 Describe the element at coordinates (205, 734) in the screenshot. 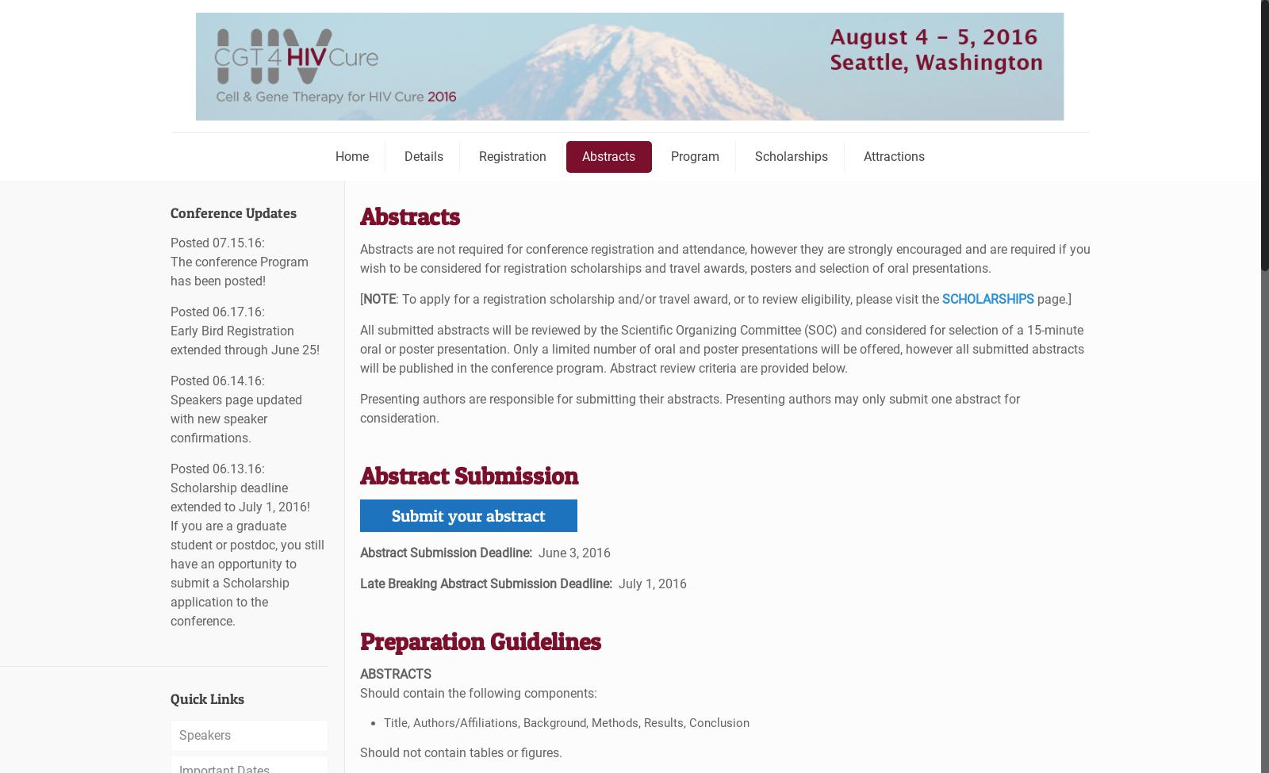

I see `'Speakers'` at that location.